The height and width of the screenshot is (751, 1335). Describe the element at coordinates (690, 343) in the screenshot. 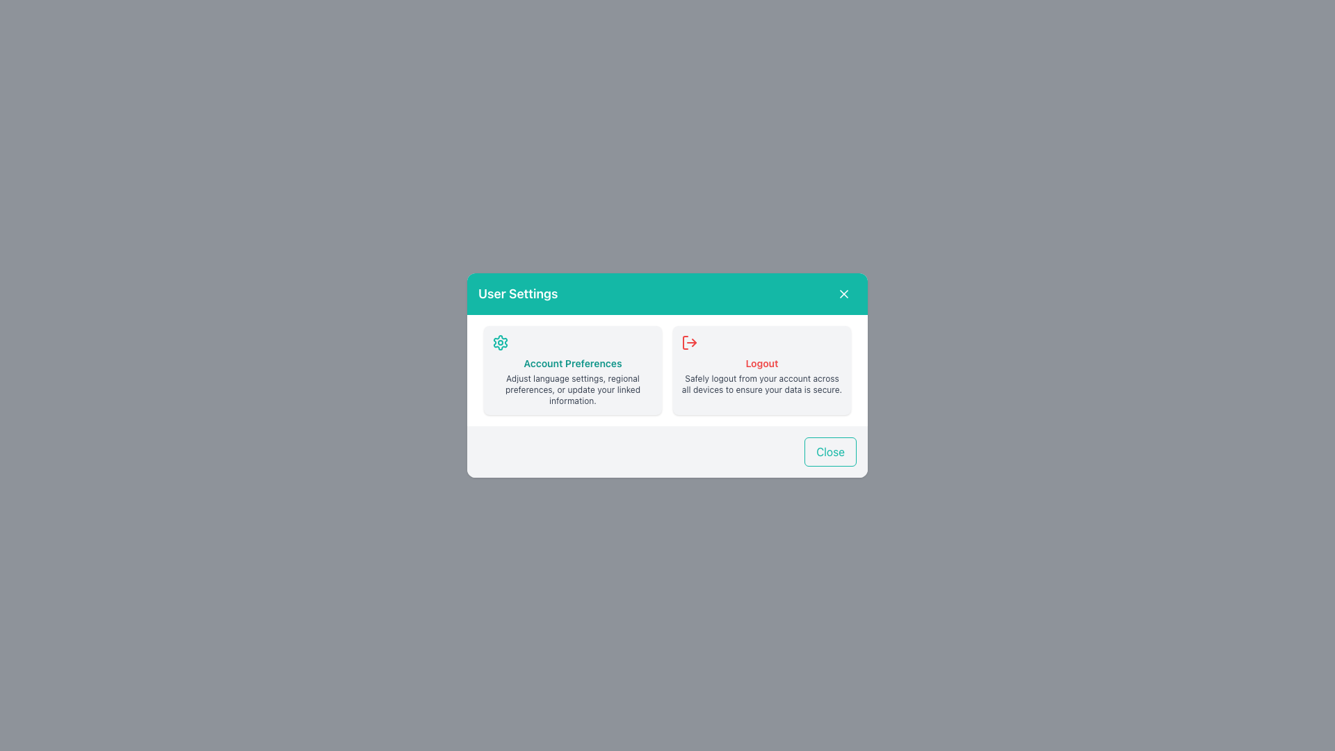

I see `the red log-out icon with an outward pointing arrow, located centrally within the 'Logout' card in the modal dialog` at that location.